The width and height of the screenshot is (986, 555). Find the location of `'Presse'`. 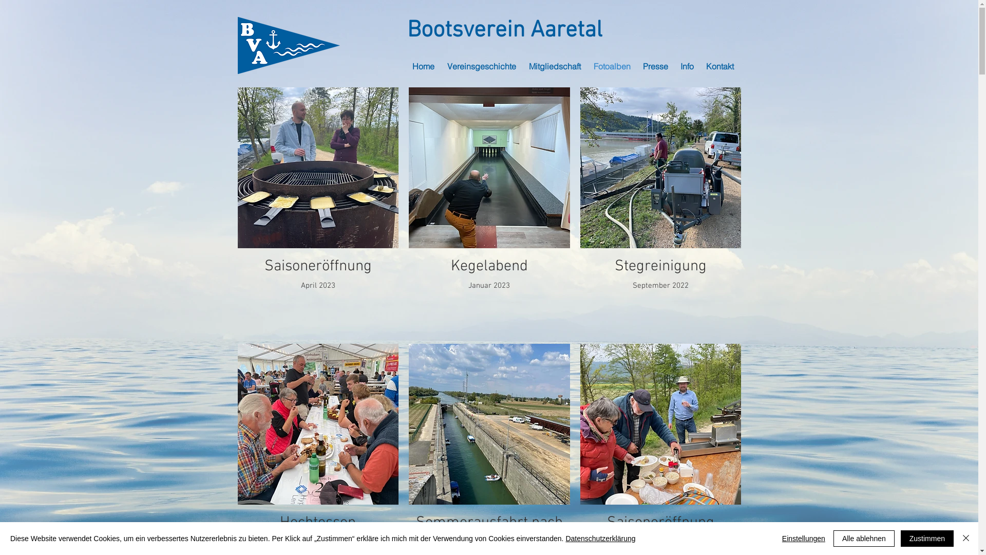

'Presse' is located at coordinates (656, 66).